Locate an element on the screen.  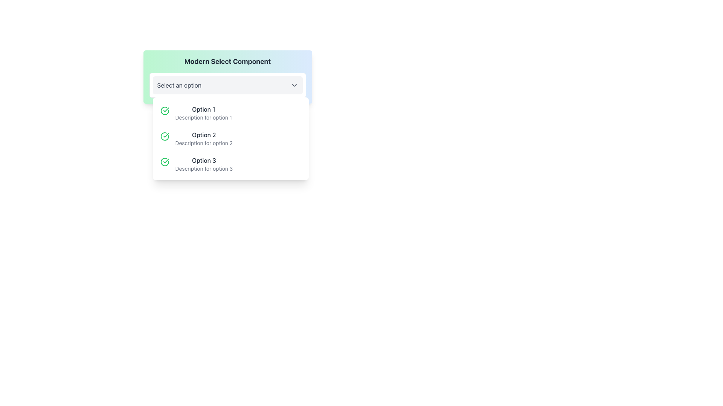
the 'Select an option' text label in the dropdown header is located at coordinates (179, 85).